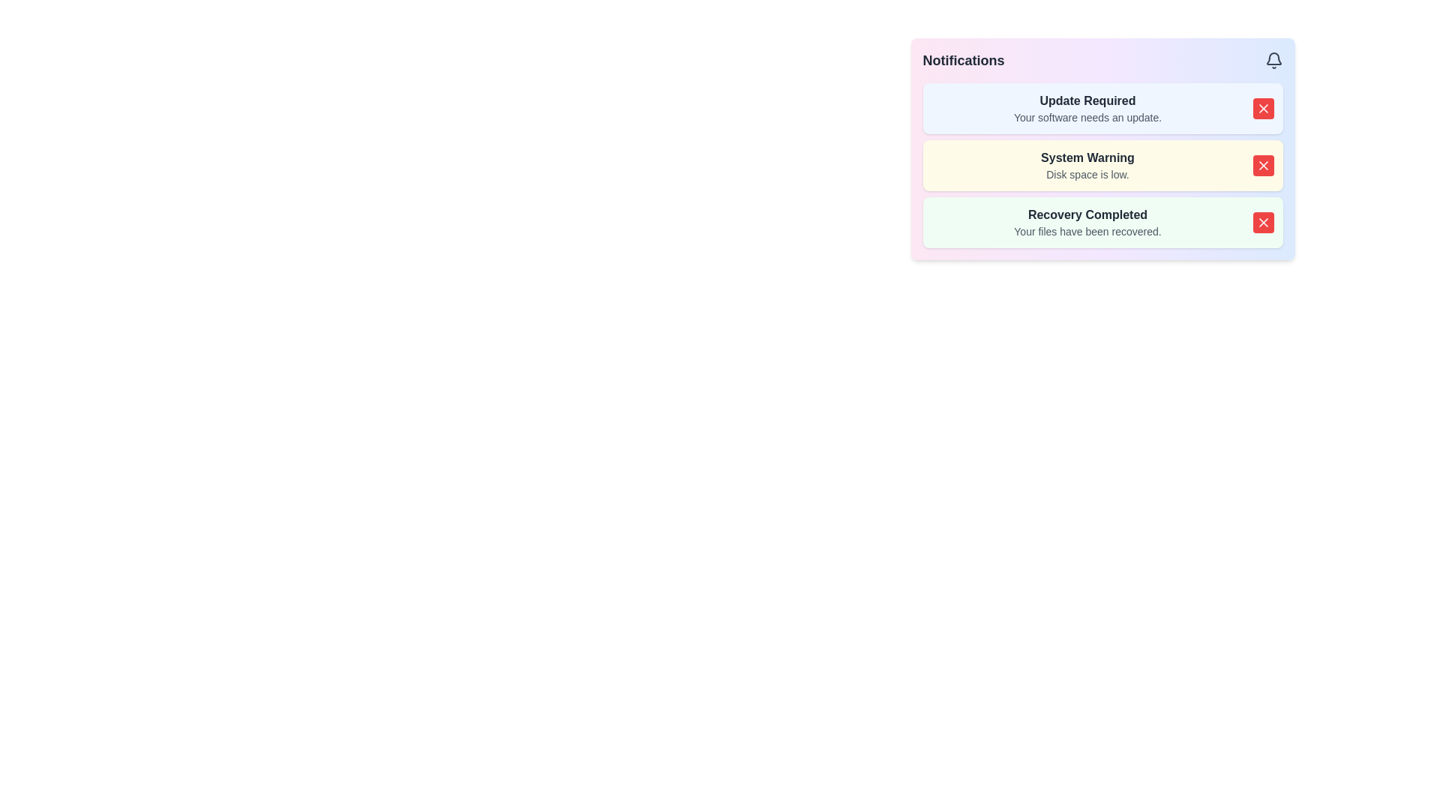 This screenshot has height=810, width=1440. I want to click on the Close button with a red circular appearance and an 'X' icon, so click(1262, 108).